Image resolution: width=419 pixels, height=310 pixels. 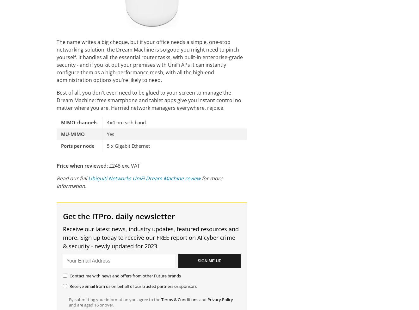 What do you see at coordinates (144, 178) in the screenshot?
I see `'Ubiquiti Networks UniFi Dream Machine review'` at bounding box center [144, 178].